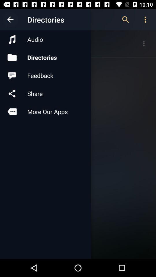 The image size is (156, 277). Describe the element at coordinates (45, 39) in the screenshot. I see `the item above directories` at that location.